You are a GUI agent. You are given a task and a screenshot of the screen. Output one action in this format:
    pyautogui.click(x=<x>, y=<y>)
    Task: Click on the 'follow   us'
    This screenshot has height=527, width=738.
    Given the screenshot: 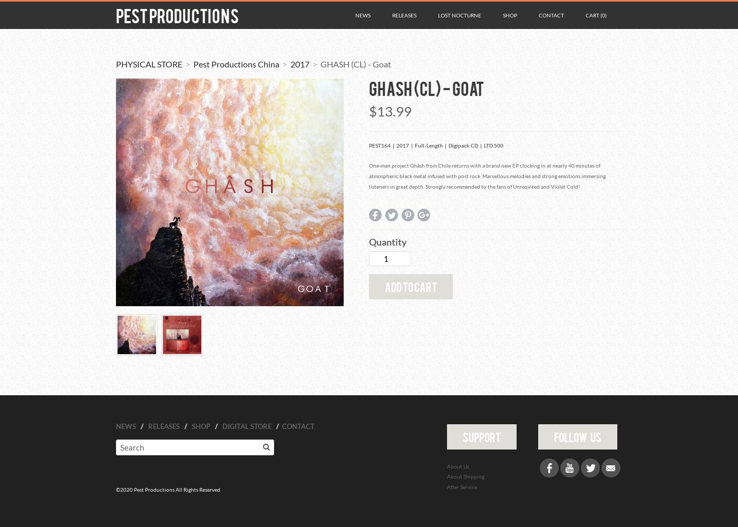 What is the action you would take?
    pyautogui.click(x=578, y=436)
    